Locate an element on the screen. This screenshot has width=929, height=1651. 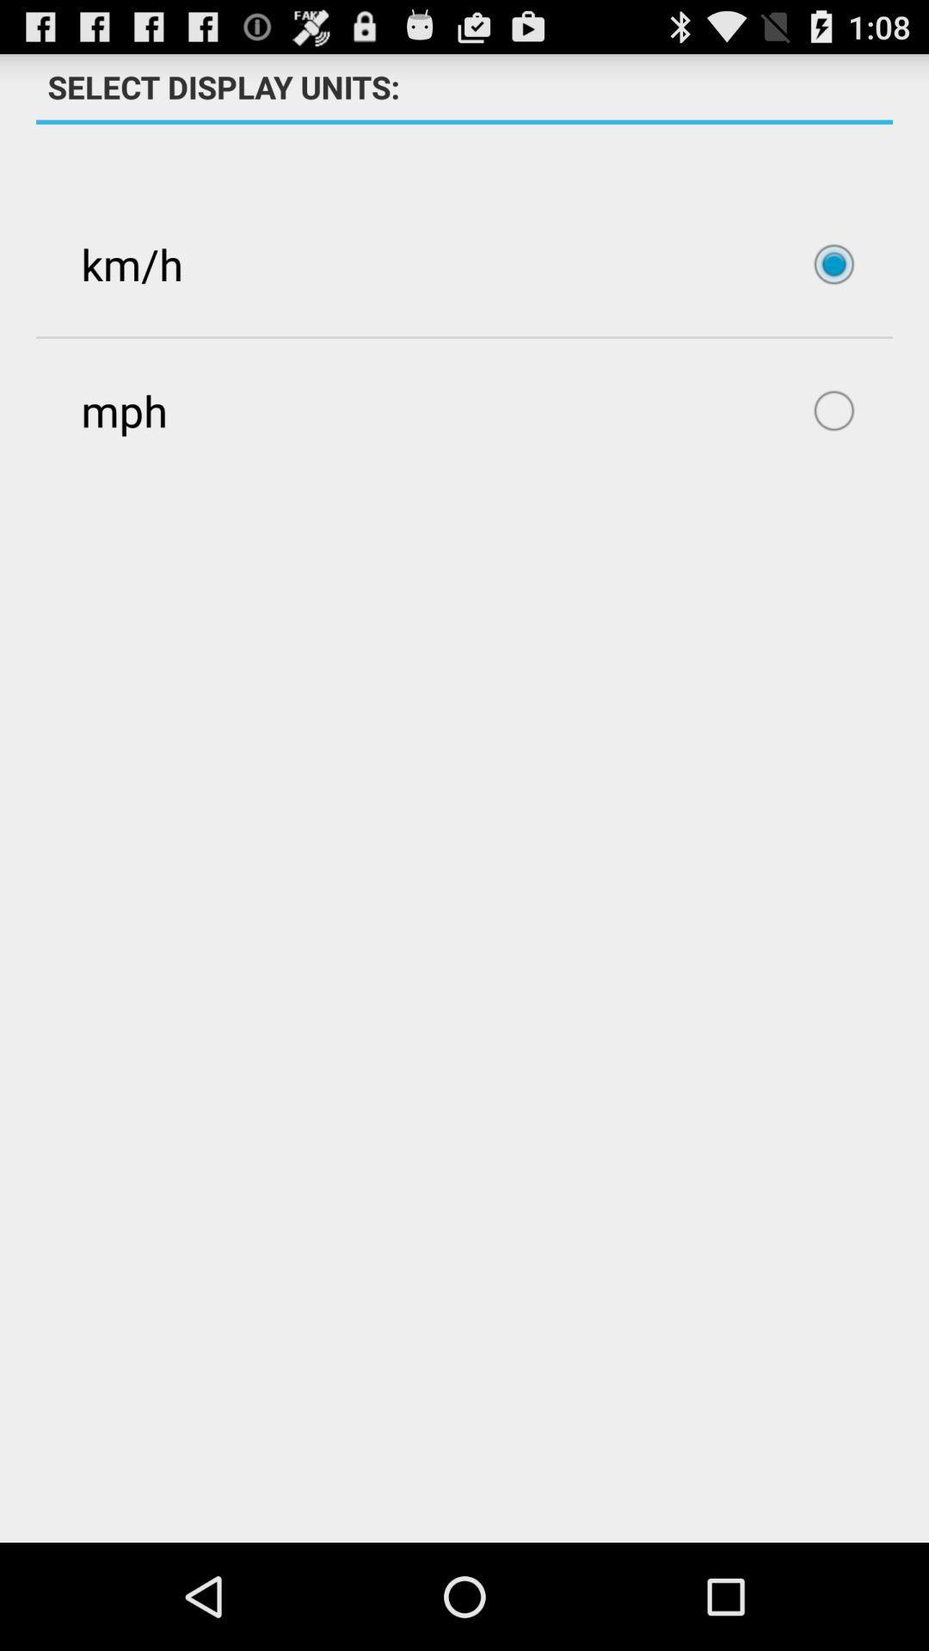
the km/h item is located at coordinates (464, 263).